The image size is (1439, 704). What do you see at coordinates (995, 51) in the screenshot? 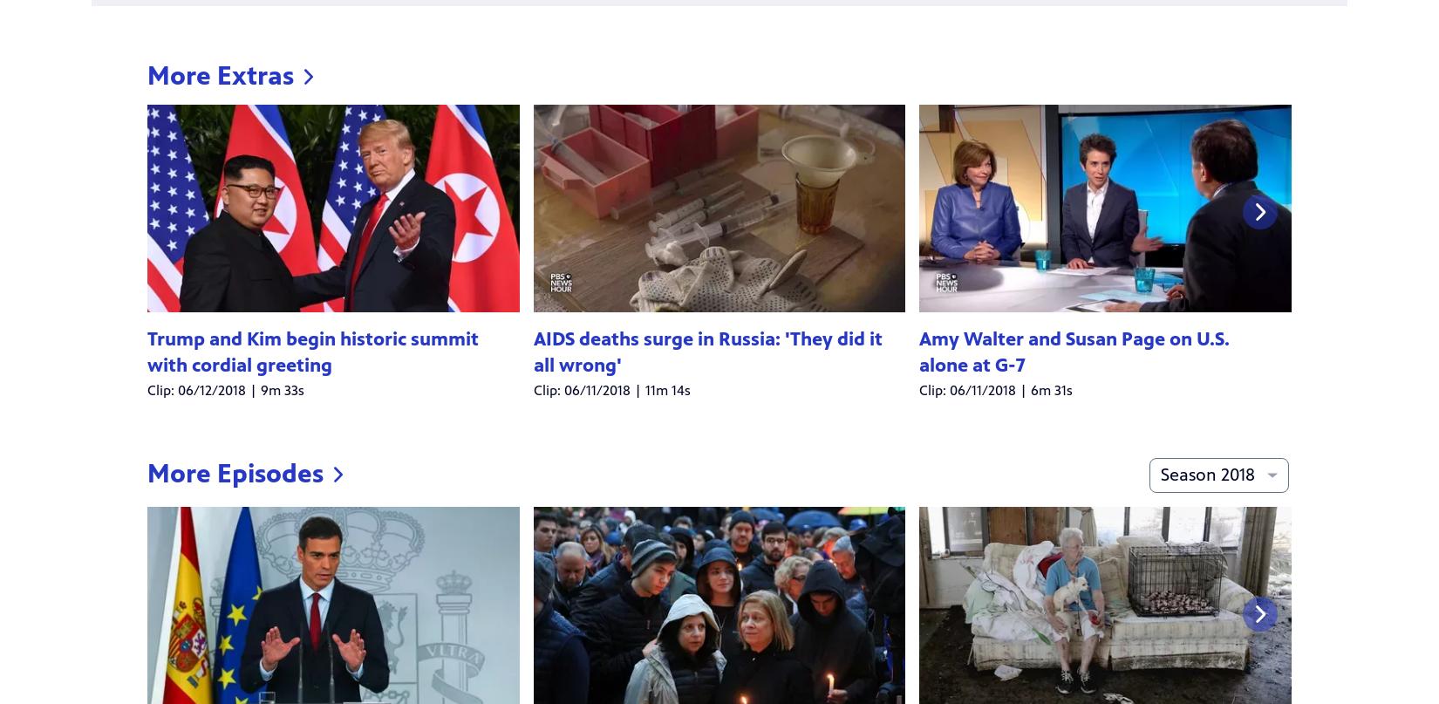
I see `'Clip: 06/11/2018 | 6m 31s'` at bounding box center [995, 51].